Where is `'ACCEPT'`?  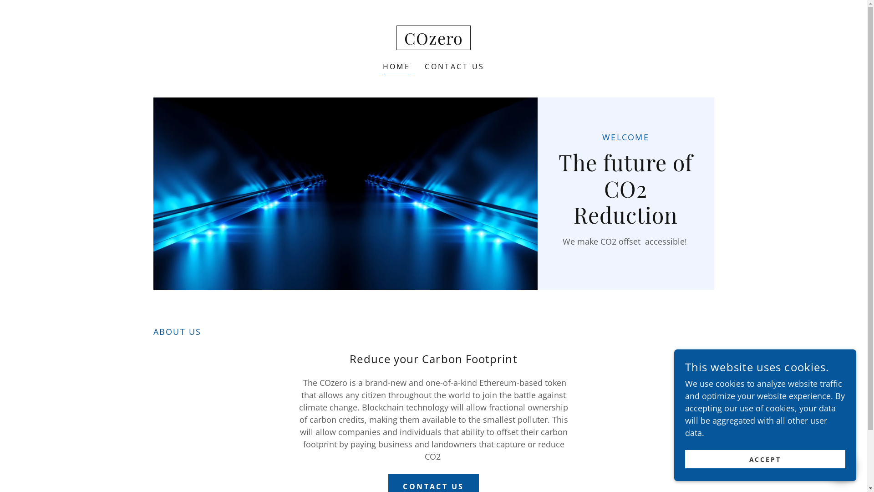 'ACCEPT' is located at coordinates (765, 459).